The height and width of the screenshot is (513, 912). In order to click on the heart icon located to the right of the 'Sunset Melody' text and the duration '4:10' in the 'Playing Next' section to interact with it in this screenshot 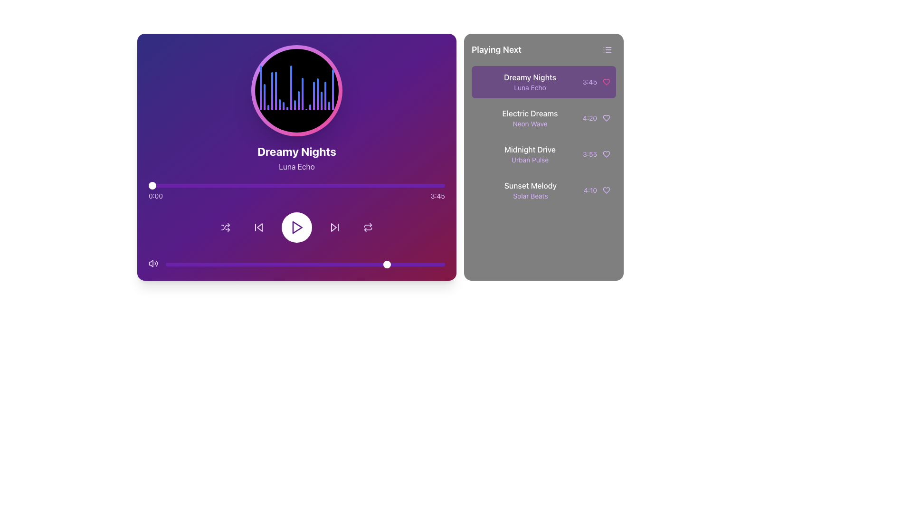, I will do `click(606, 190)`.